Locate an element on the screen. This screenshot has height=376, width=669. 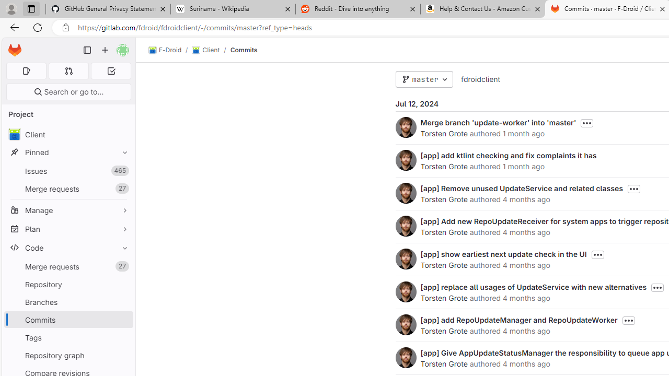
'Merge branch ' is located at coordinates (498, 122).